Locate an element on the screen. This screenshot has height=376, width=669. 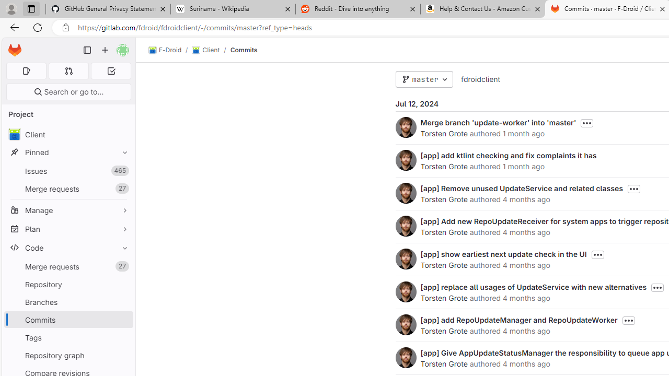
'Merge branch ' is located at coordinates (498, 122).